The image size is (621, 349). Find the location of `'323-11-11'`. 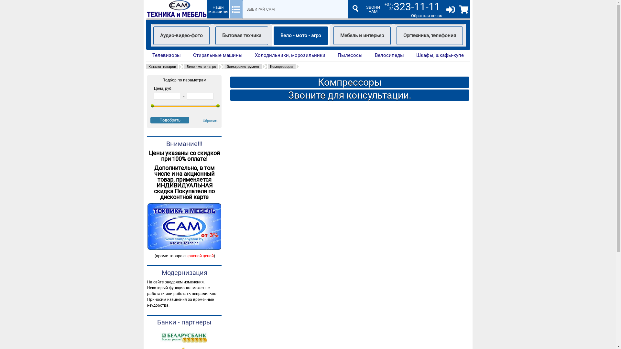

'323-11-11' is located at coordinates (416, 6).